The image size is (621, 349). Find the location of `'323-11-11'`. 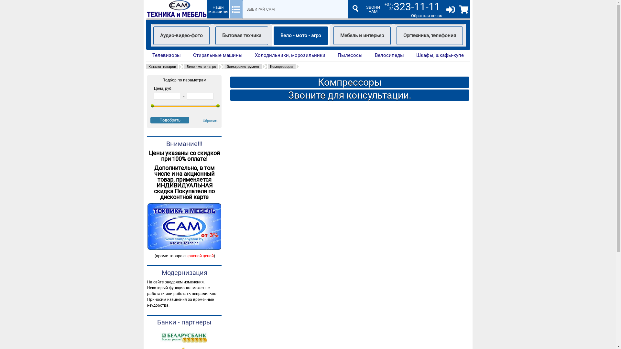

'323-11-11' is located at coordinates (416, 6).